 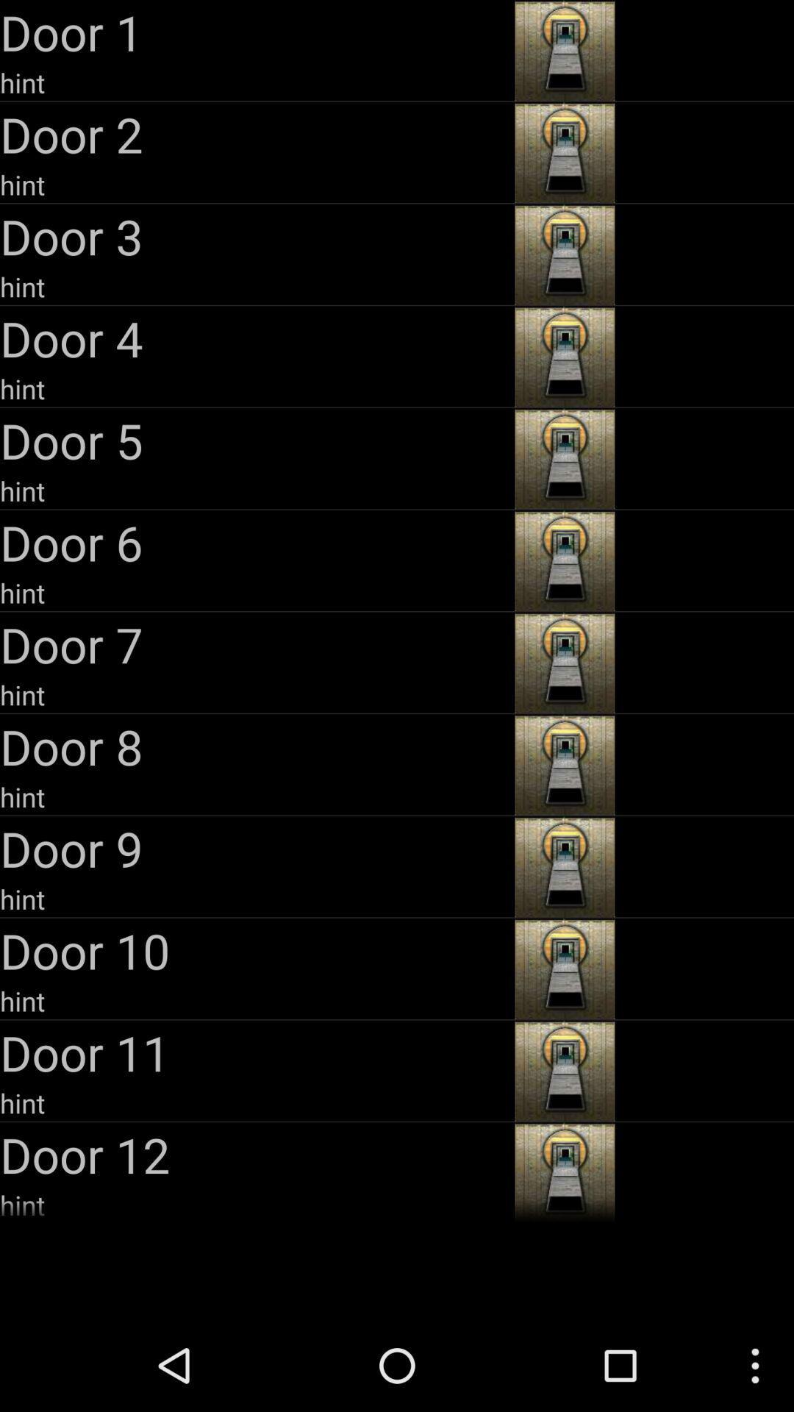 I want to click on icon below the hint icon, so click(x=254, y=644).